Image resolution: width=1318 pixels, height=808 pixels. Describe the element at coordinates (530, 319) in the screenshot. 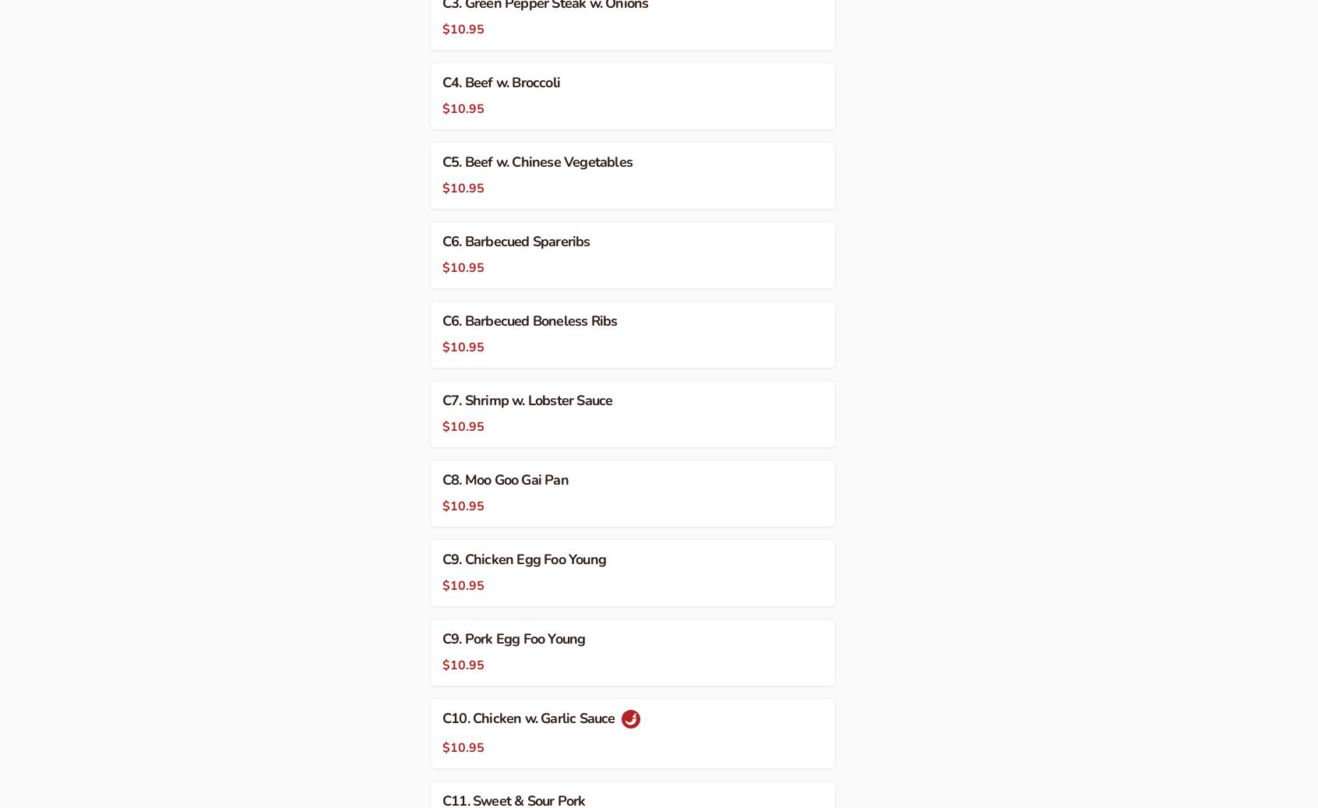

I see `'C6. Barbecued Boneless Ribs'` at that location.